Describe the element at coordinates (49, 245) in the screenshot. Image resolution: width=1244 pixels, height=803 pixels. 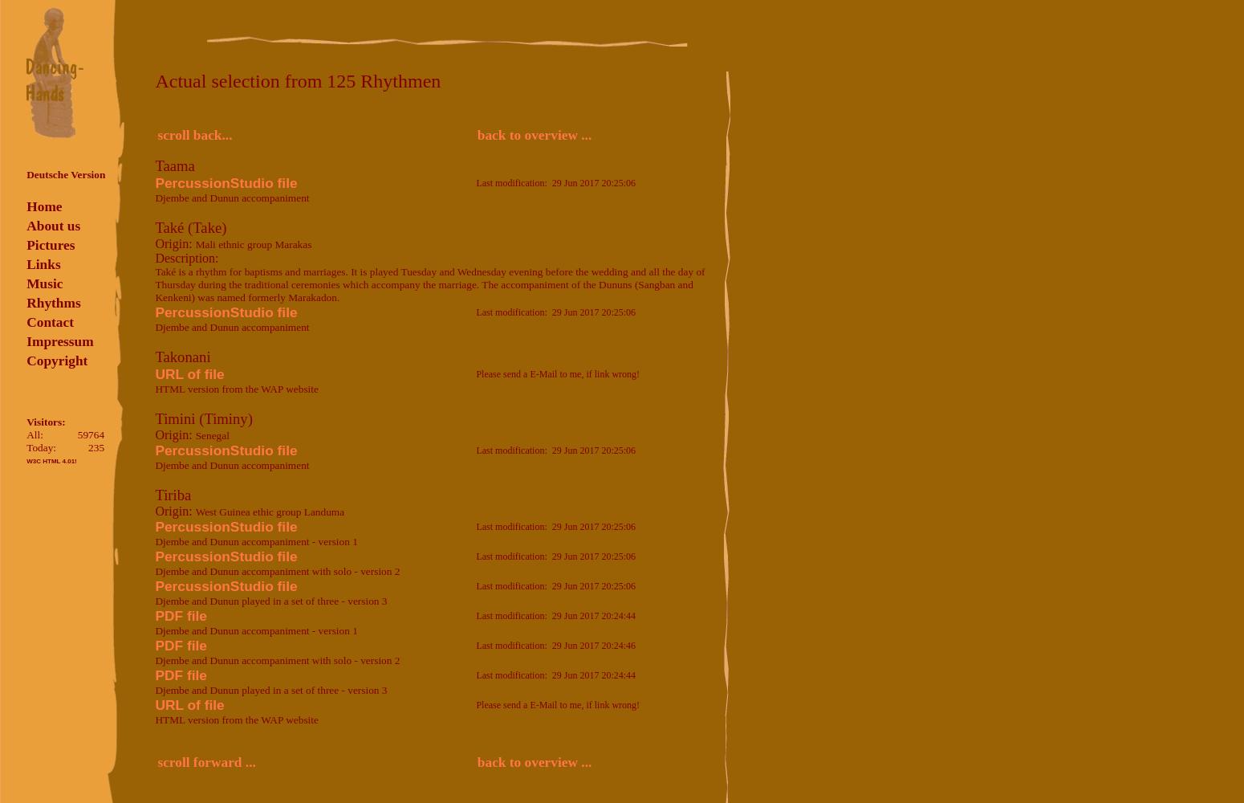
I see `'Pictures'` at that location.